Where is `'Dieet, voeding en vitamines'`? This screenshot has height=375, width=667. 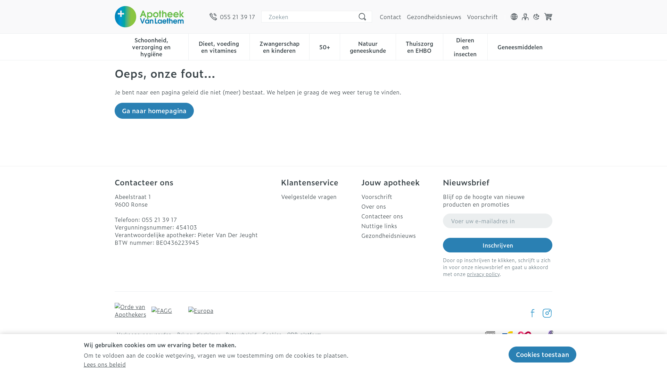
'Dieet, voeding en vitamines' is located at coordinates (218, 46).